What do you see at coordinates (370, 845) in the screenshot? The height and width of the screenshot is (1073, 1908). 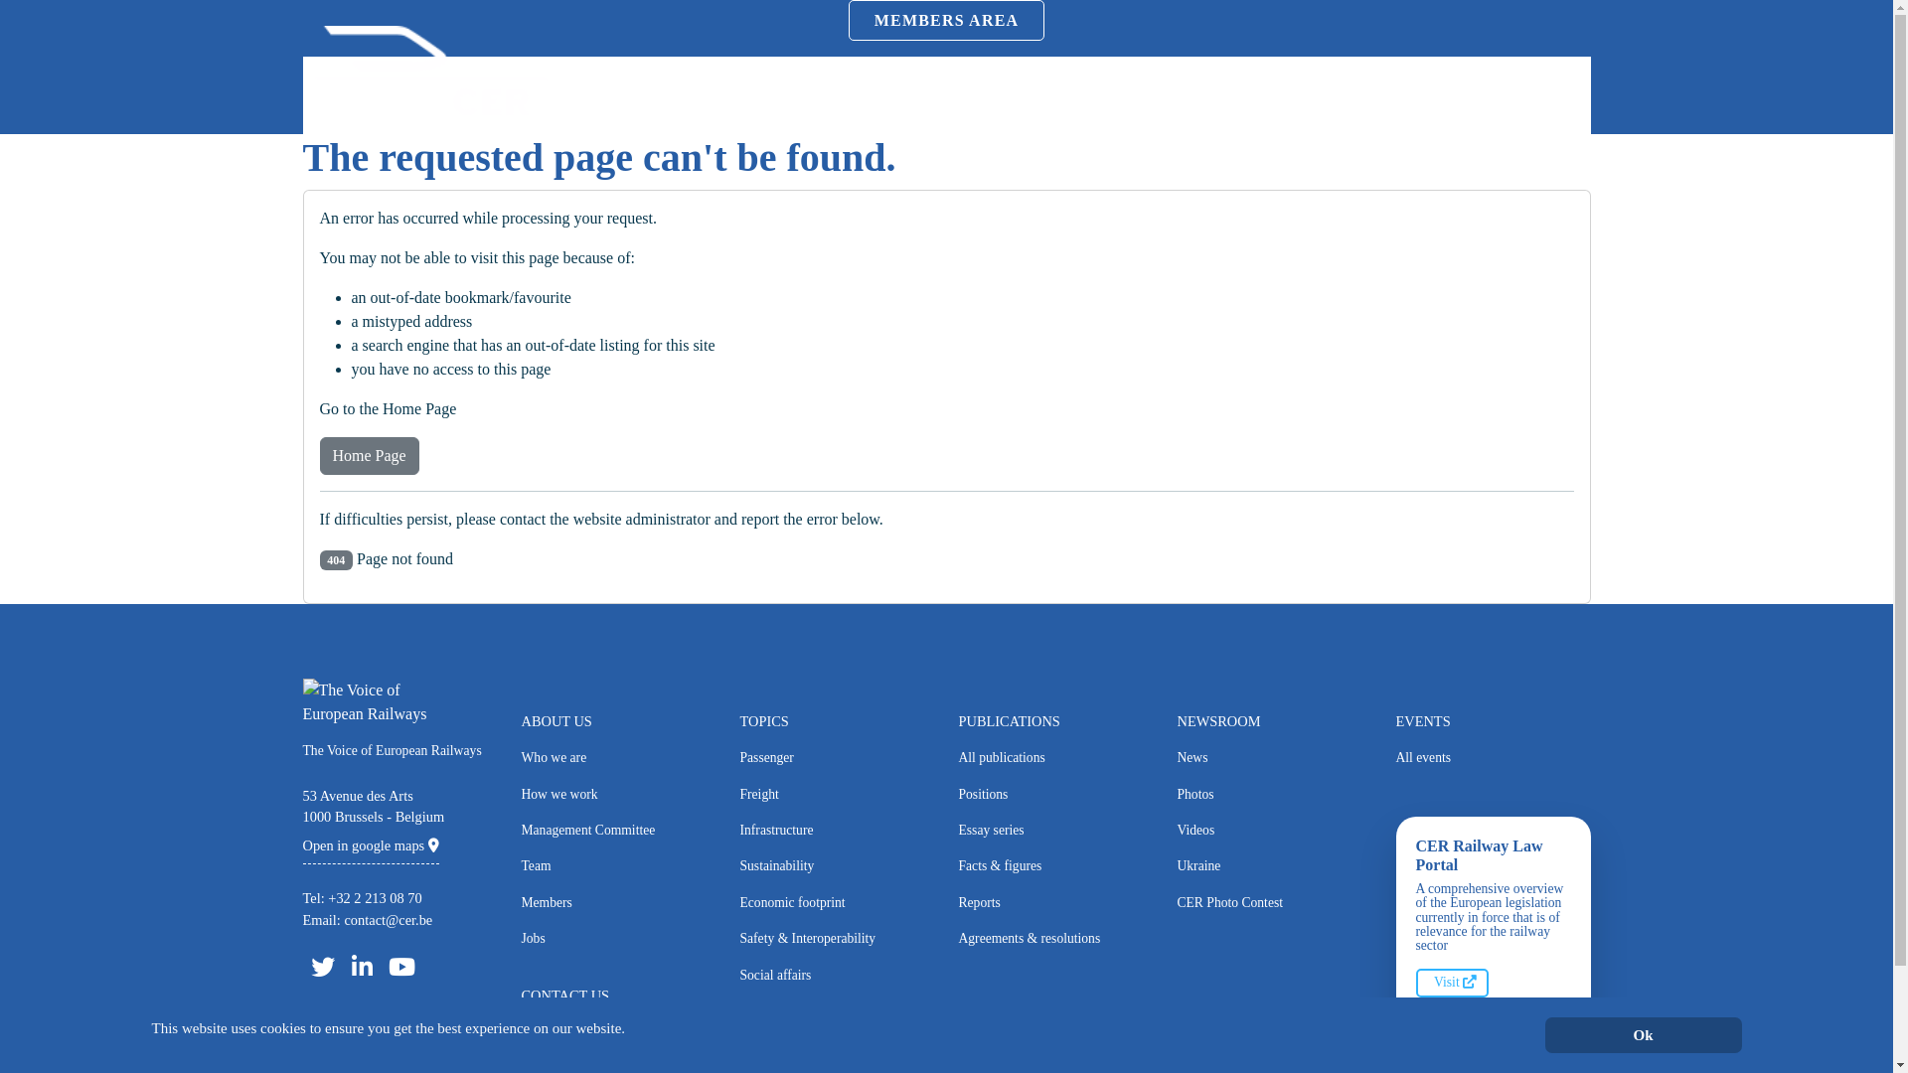 I see `'Open in google maps'` at bounding box center [370, 845].